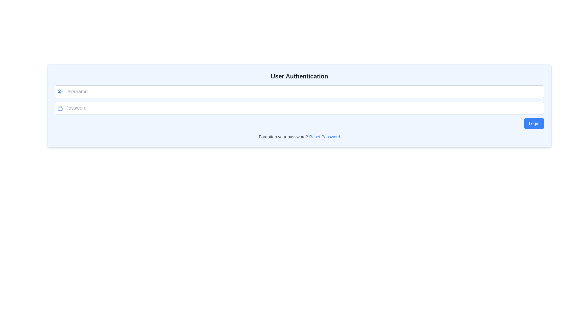  I want to click on the submit button located on the right side of the login form section, so click(534, 123).